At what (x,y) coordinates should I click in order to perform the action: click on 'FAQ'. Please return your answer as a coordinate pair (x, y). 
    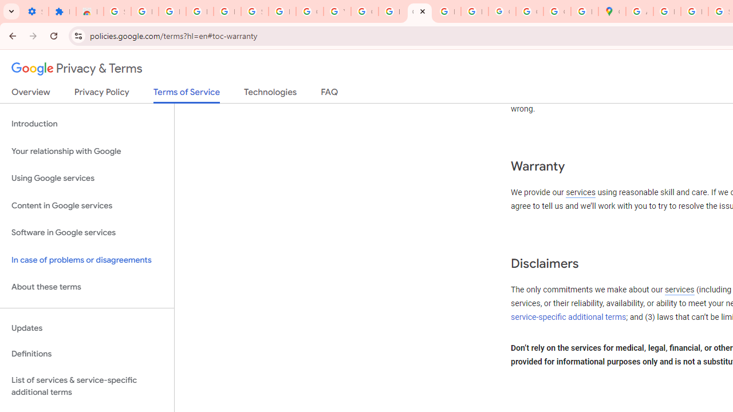
    Looking at the image, I should click on (329, 94).